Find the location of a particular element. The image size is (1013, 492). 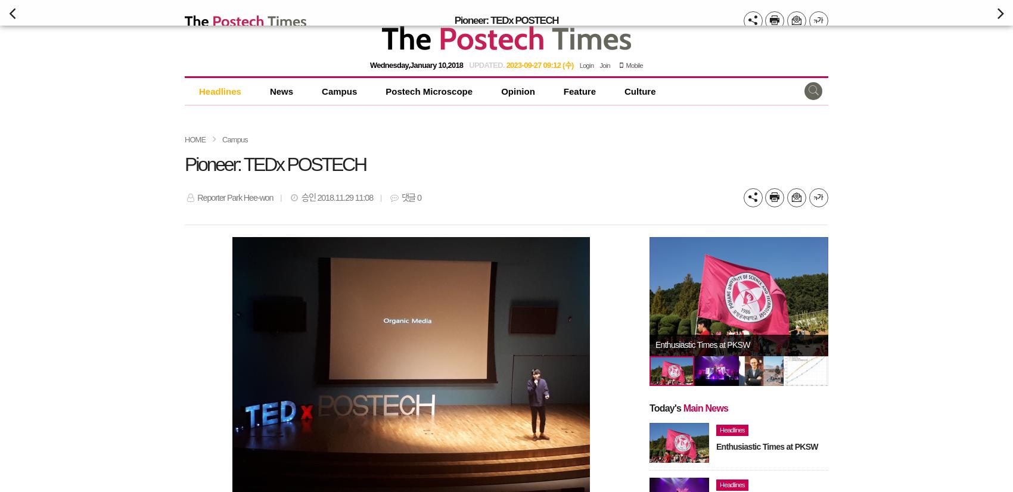

'Opinion' is located at coordinates (518, 91).